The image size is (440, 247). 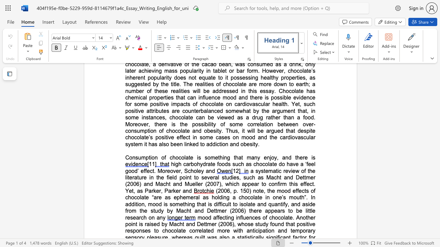 What do you see at coordinates (196, 170) in the screenshot?
I see `the subset text "le" within the text "high carbohydrate foods such as chocolate do have a ‘feel good’ effect. Moreover, Scholey and"` at bounding box center [196, 170].